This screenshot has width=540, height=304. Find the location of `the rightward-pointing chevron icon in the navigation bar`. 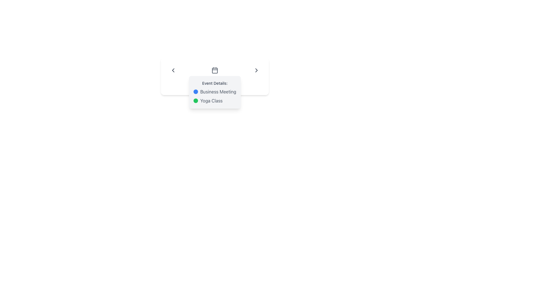

the rightward-pointing chevron icon in the navigation bar is located at coordinates (256, 70).